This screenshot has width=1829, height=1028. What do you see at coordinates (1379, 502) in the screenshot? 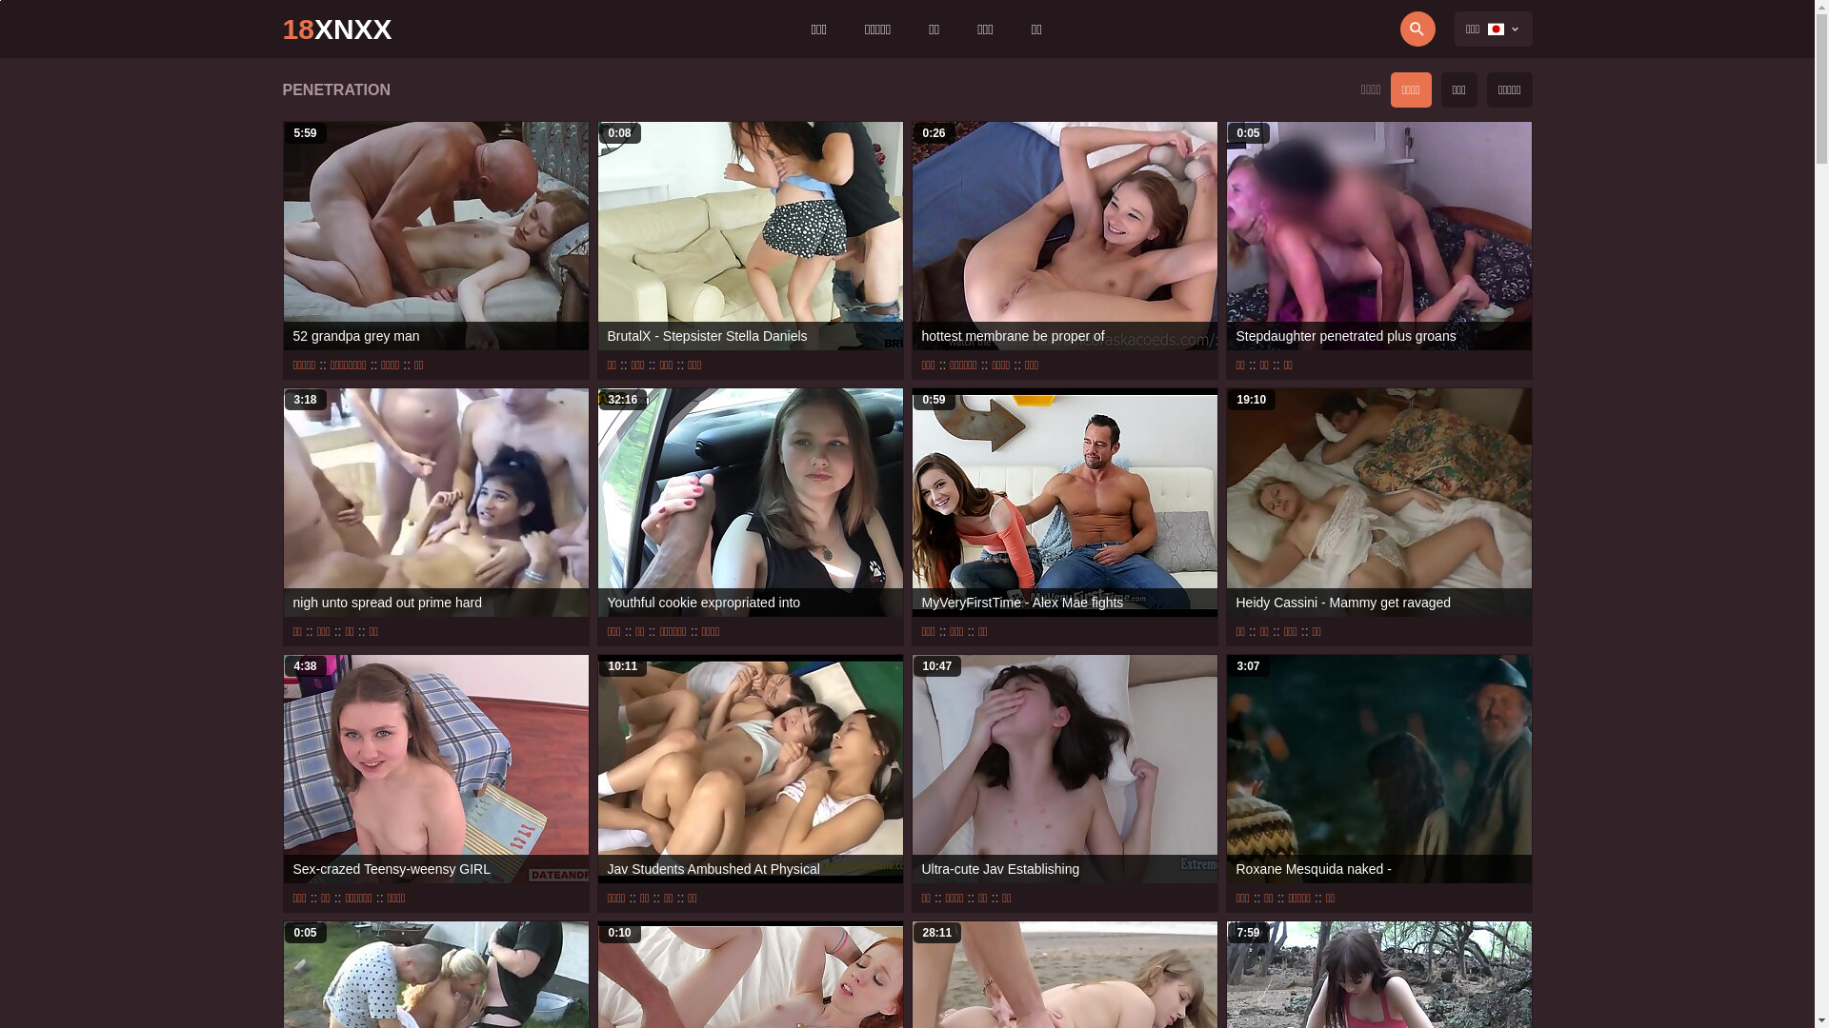
I see `'19:10` at bounding box center [1379, 502].